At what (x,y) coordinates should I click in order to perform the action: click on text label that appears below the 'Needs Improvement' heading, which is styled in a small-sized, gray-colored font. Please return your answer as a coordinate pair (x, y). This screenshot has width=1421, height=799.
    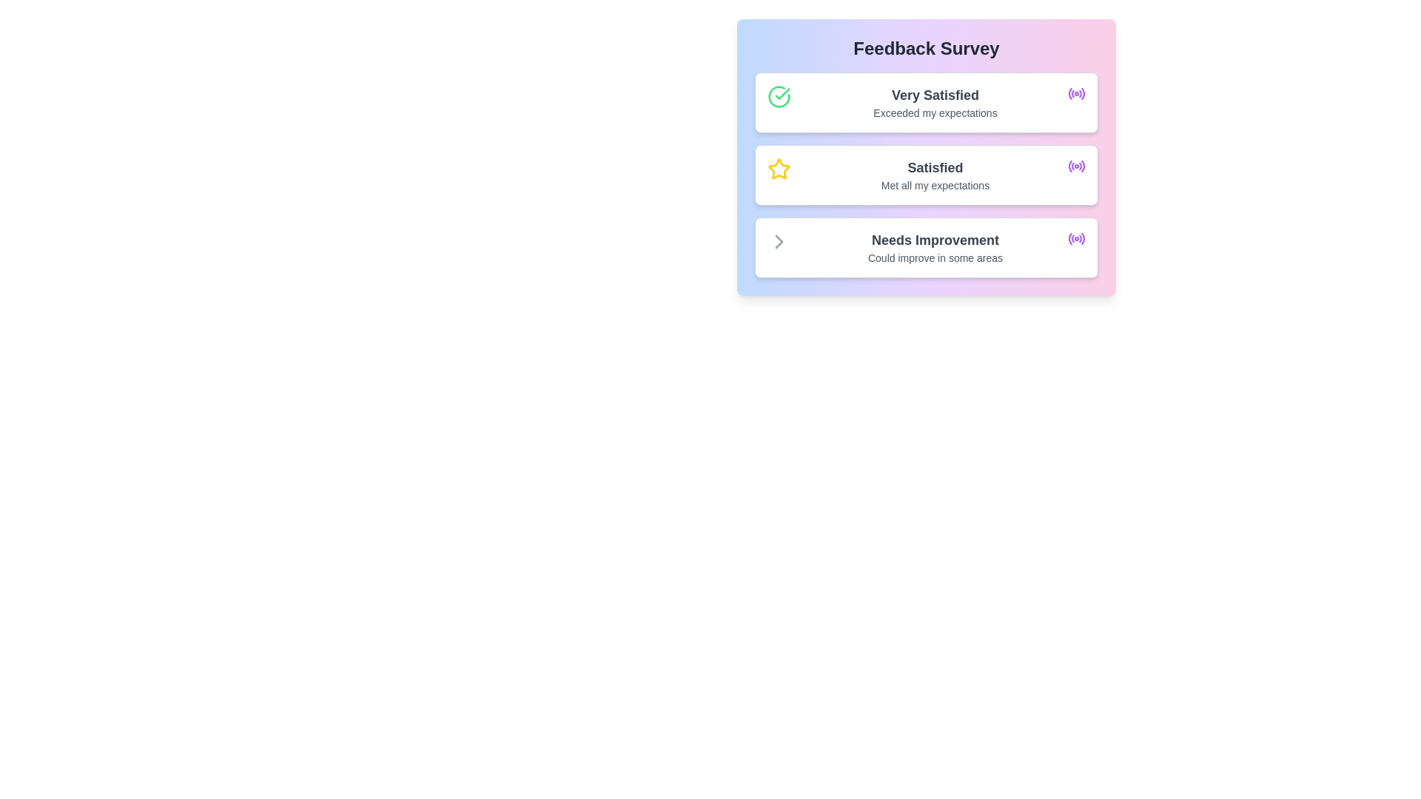
    Looking at the image, I should click on (934, 257).